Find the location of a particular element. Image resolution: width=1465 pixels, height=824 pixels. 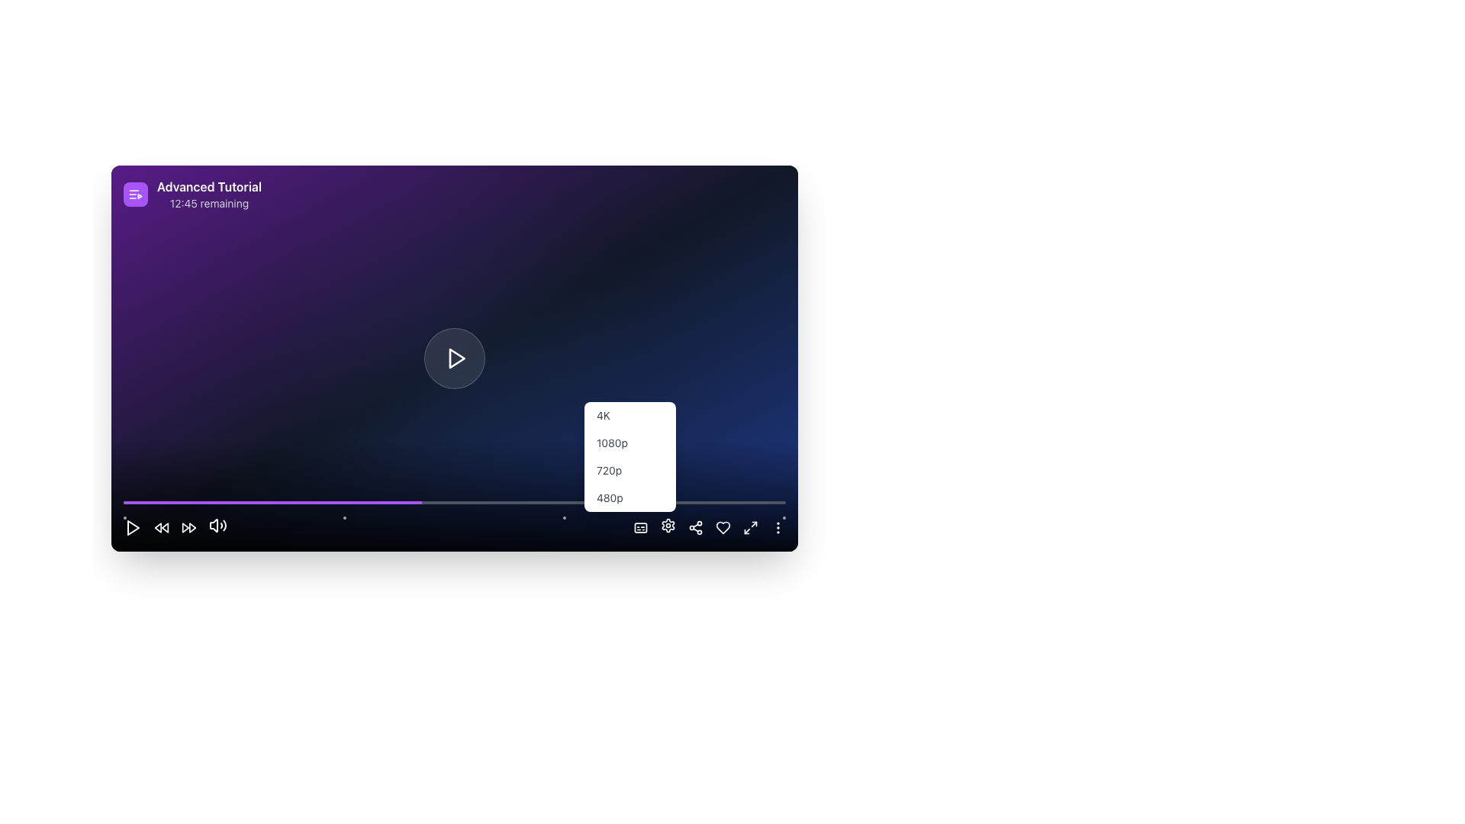

the '1080p' option in the dropdown menu is located at coordinates (629, 443).